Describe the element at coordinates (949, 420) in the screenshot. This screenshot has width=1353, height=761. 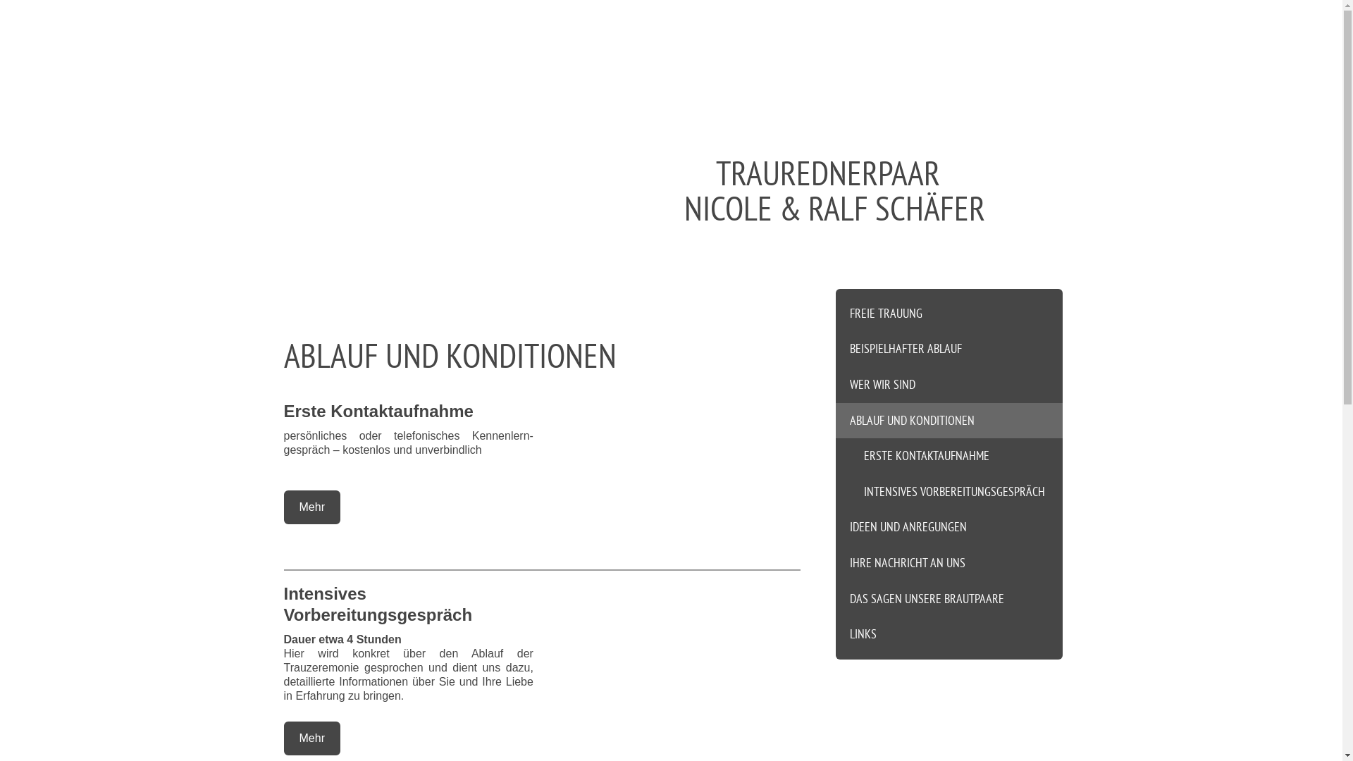
I see `'ABLAUF UND KONDITIONEN'` at that location.